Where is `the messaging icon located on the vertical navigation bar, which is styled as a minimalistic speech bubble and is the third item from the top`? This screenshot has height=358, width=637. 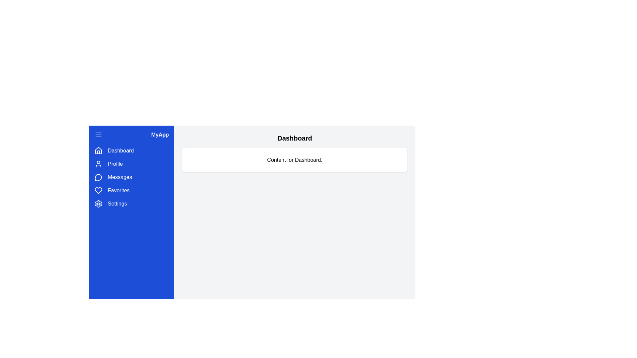
the messaging icon located on the vertical navigation bar, which is styled as a minimalistic speech bubble and is the third item from the top is located at coordinates (98, 177).